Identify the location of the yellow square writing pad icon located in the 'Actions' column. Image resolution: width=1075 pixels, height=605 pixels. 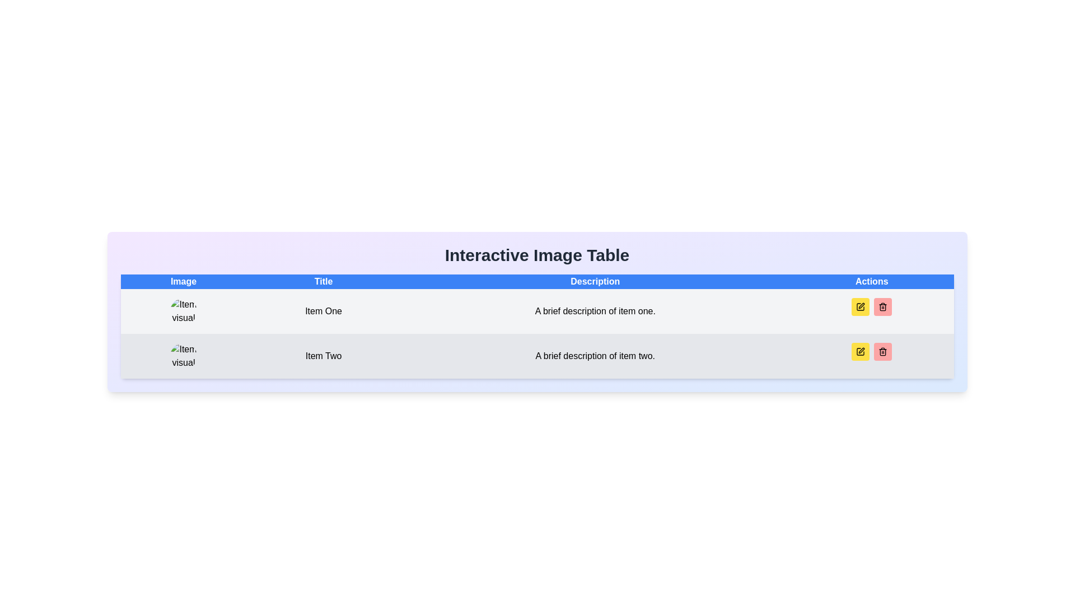
(860, 306).